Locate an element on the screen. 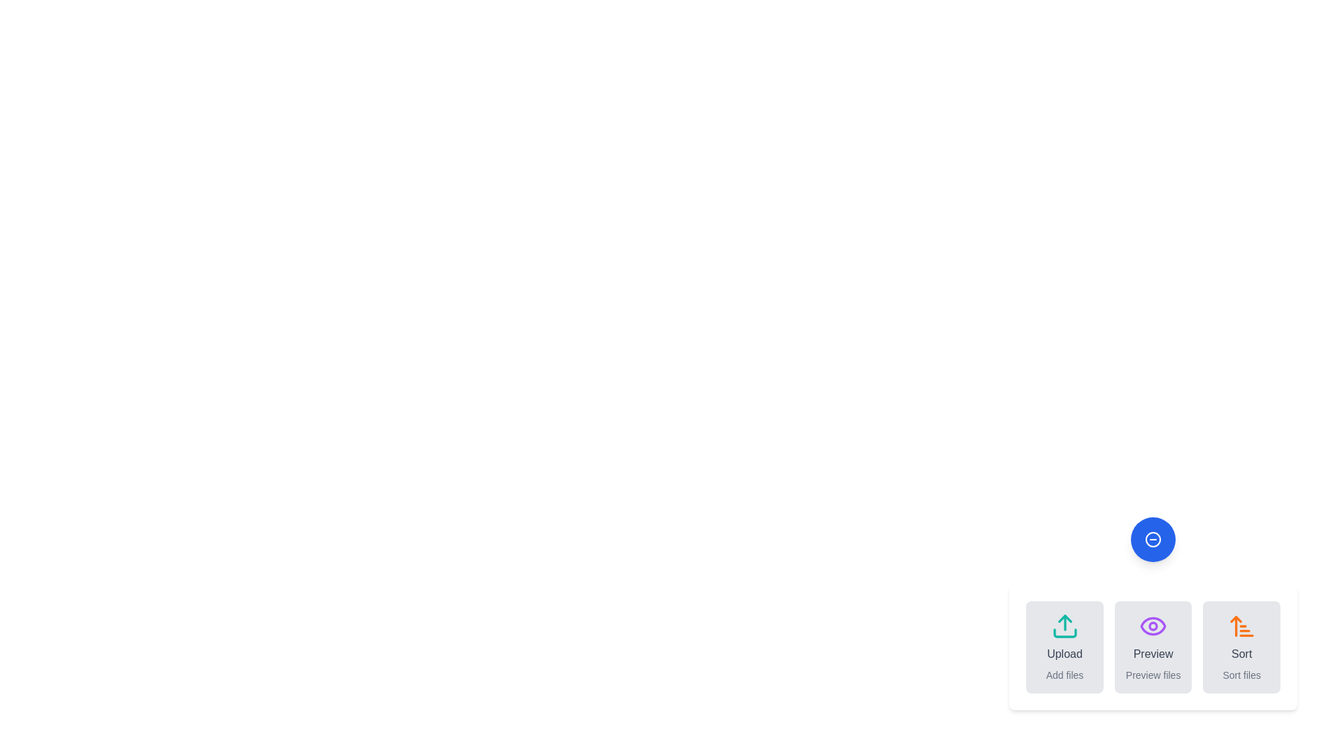 The width and height of the screenshot is (1342, 755). the 'Upload' button to trigger the upload action is located at coordinates (1064, 647).